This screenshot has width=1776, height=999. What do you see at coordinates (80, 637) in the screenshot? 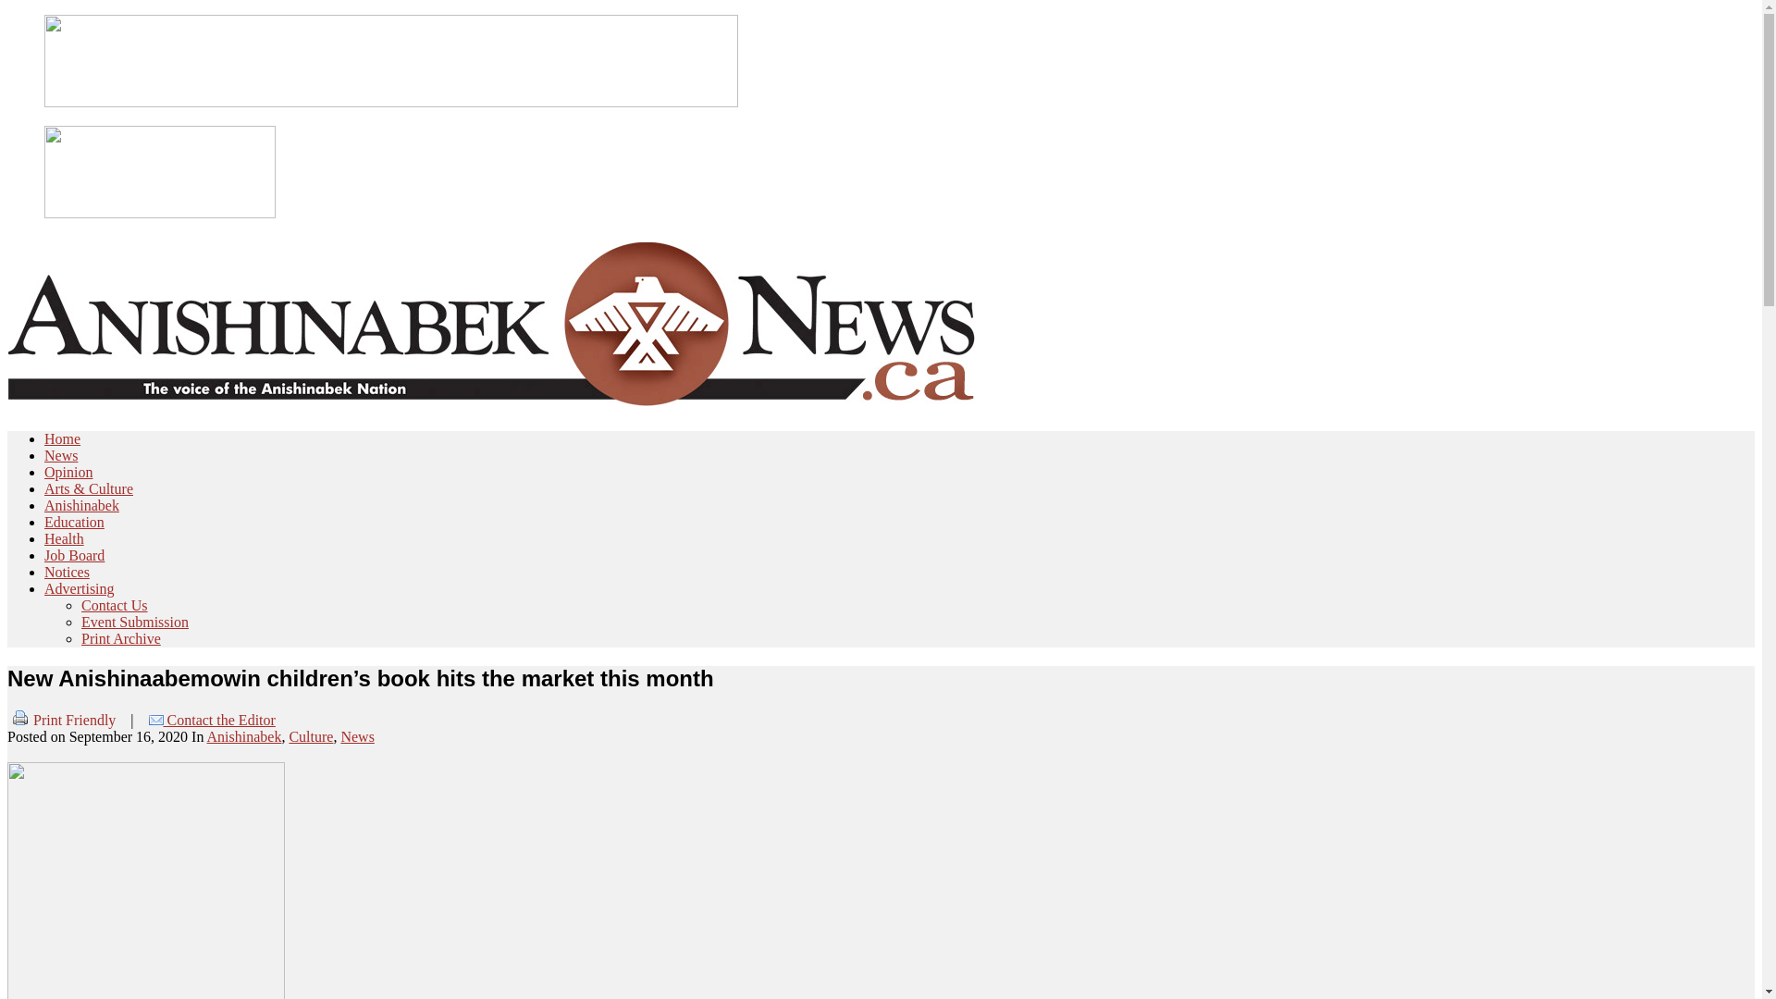
I see `'Print Archive'` at bounding box center [80, 637].